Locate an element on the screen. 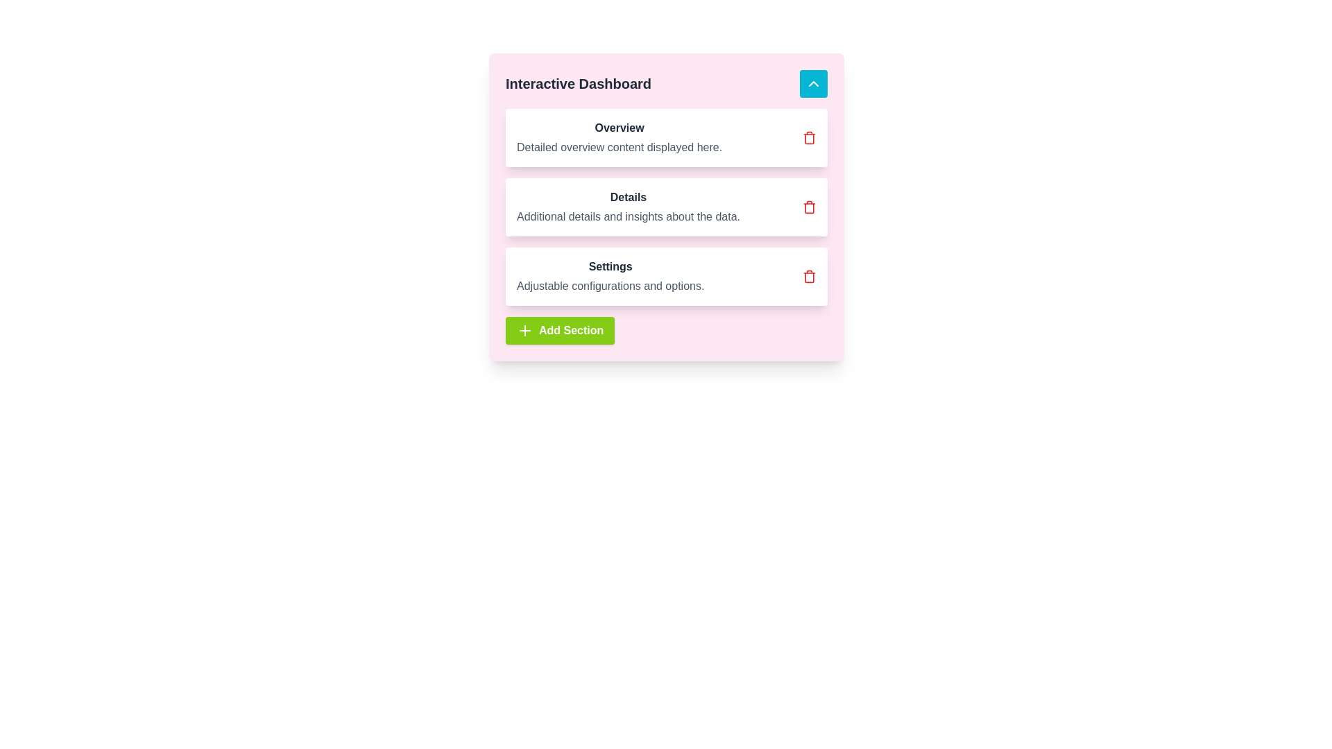  the Text Label that serves as a header or title in the second card of the vertical stack in the dashboard interface is located at coordinates (628, 198).